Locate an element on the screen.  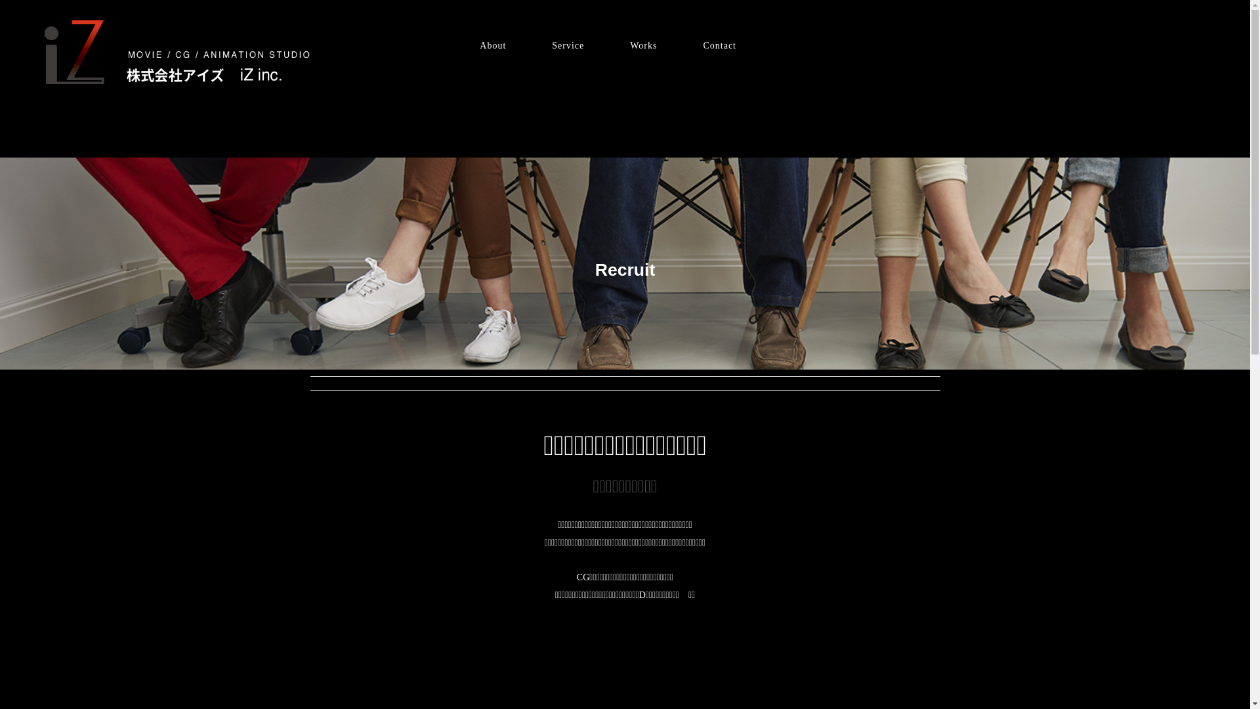
'About' is located at coordinates (492, 45).